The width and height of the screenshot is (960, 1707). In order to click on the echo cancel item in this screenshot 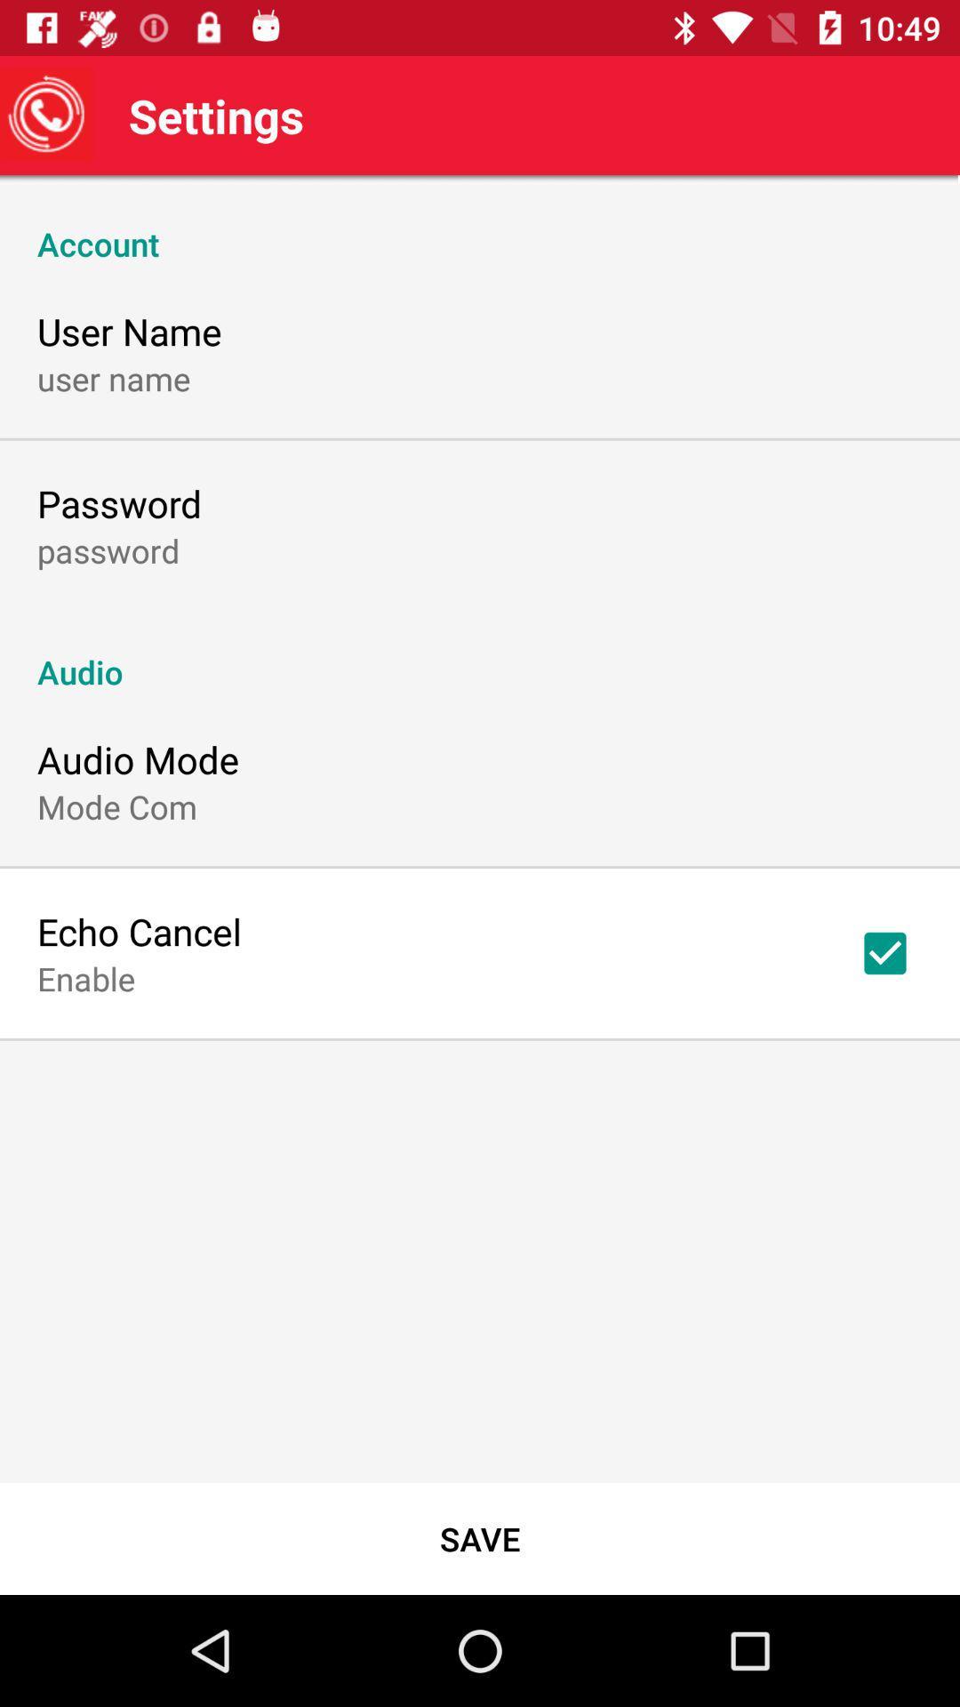, I will do `click(139, 930)`.